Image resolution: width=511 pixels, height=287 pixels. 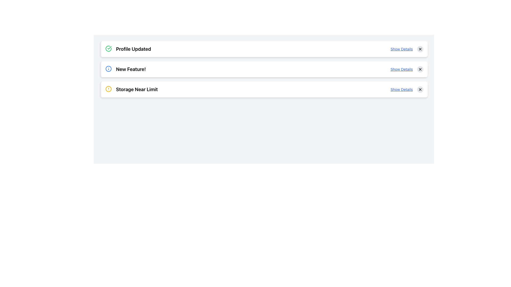 What do you see at coordinates (407, 89) in the screenshot?
I see `the 'Show Details' hyperlink in the 'Storage Near Limit' notification panel` at bounding box center [407, 89].